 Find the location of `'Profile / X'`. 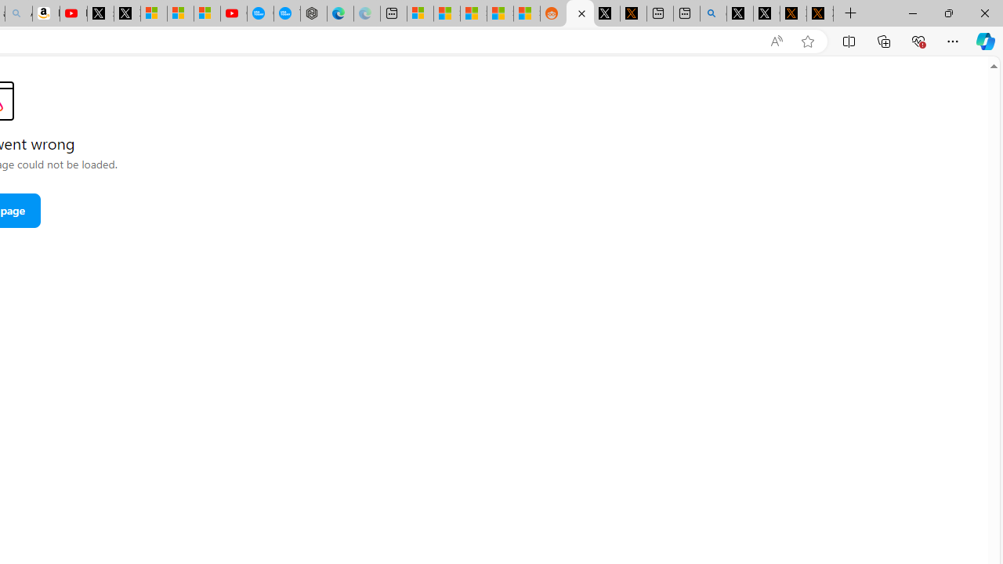

'Profile / X' is located at coordinates (739, 13).